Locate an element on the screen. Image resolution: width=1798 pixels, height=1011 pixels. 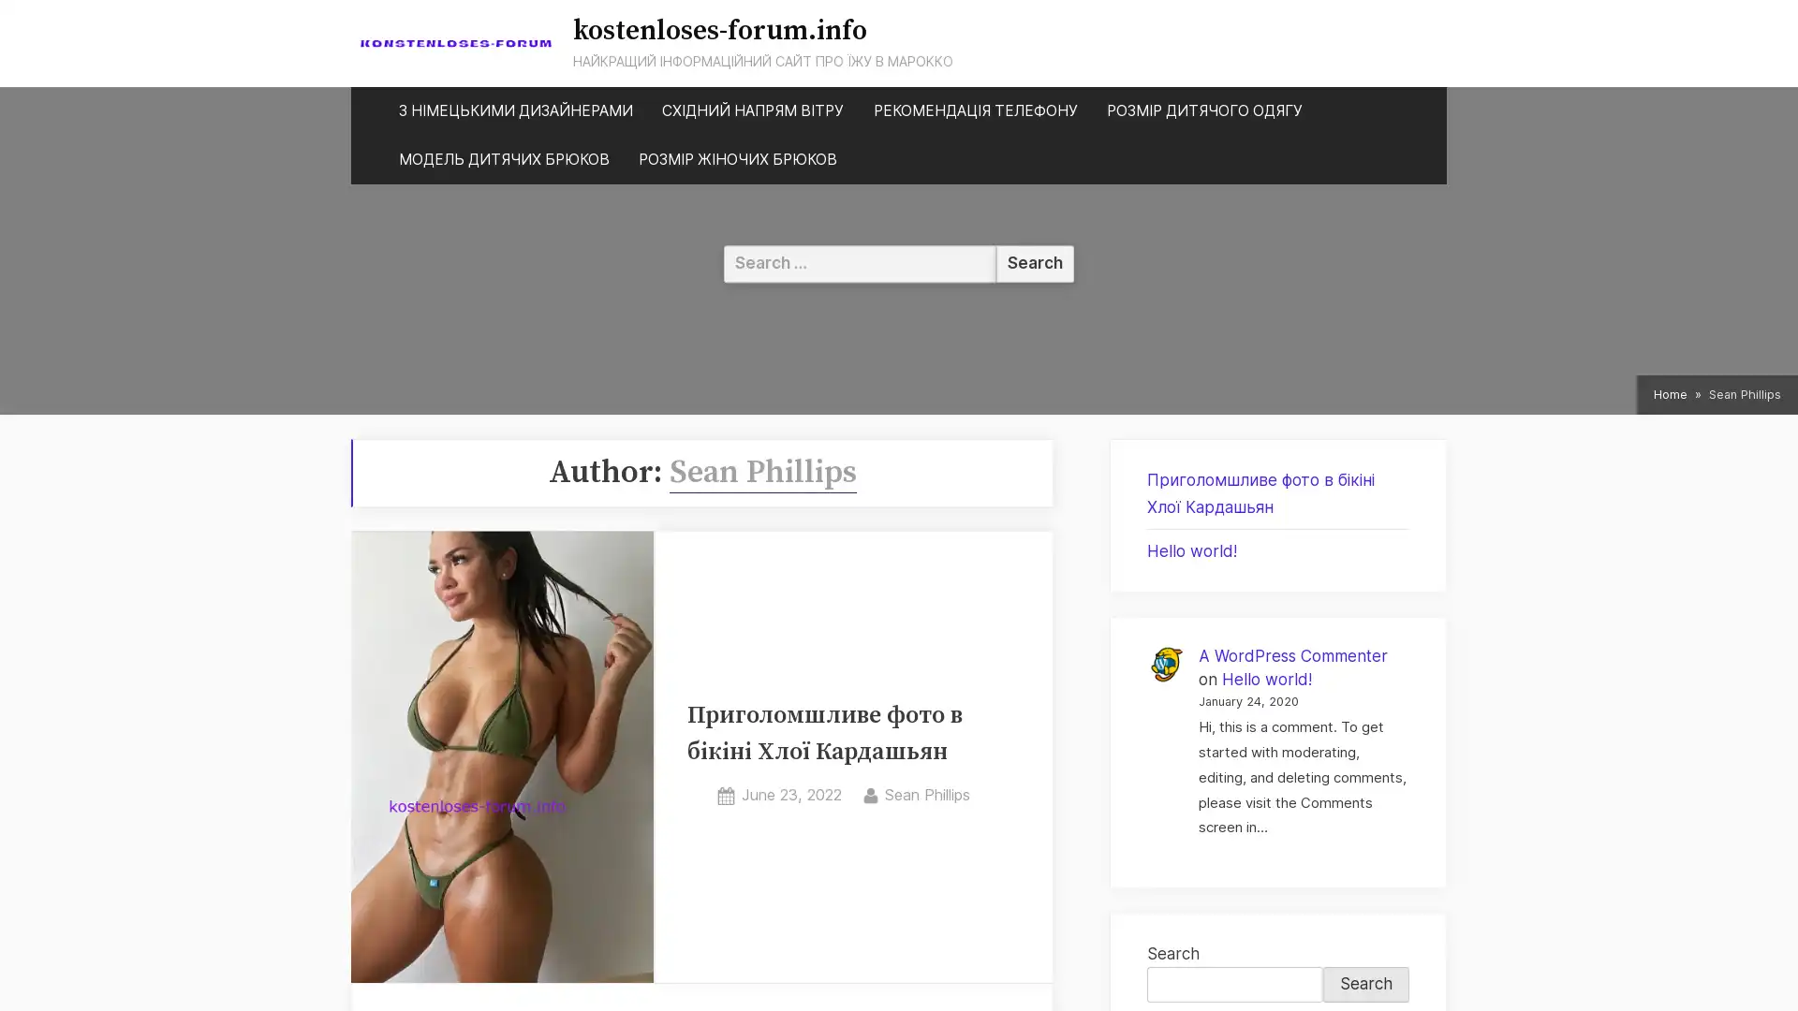
Search is located at coordinates (1366, 983).